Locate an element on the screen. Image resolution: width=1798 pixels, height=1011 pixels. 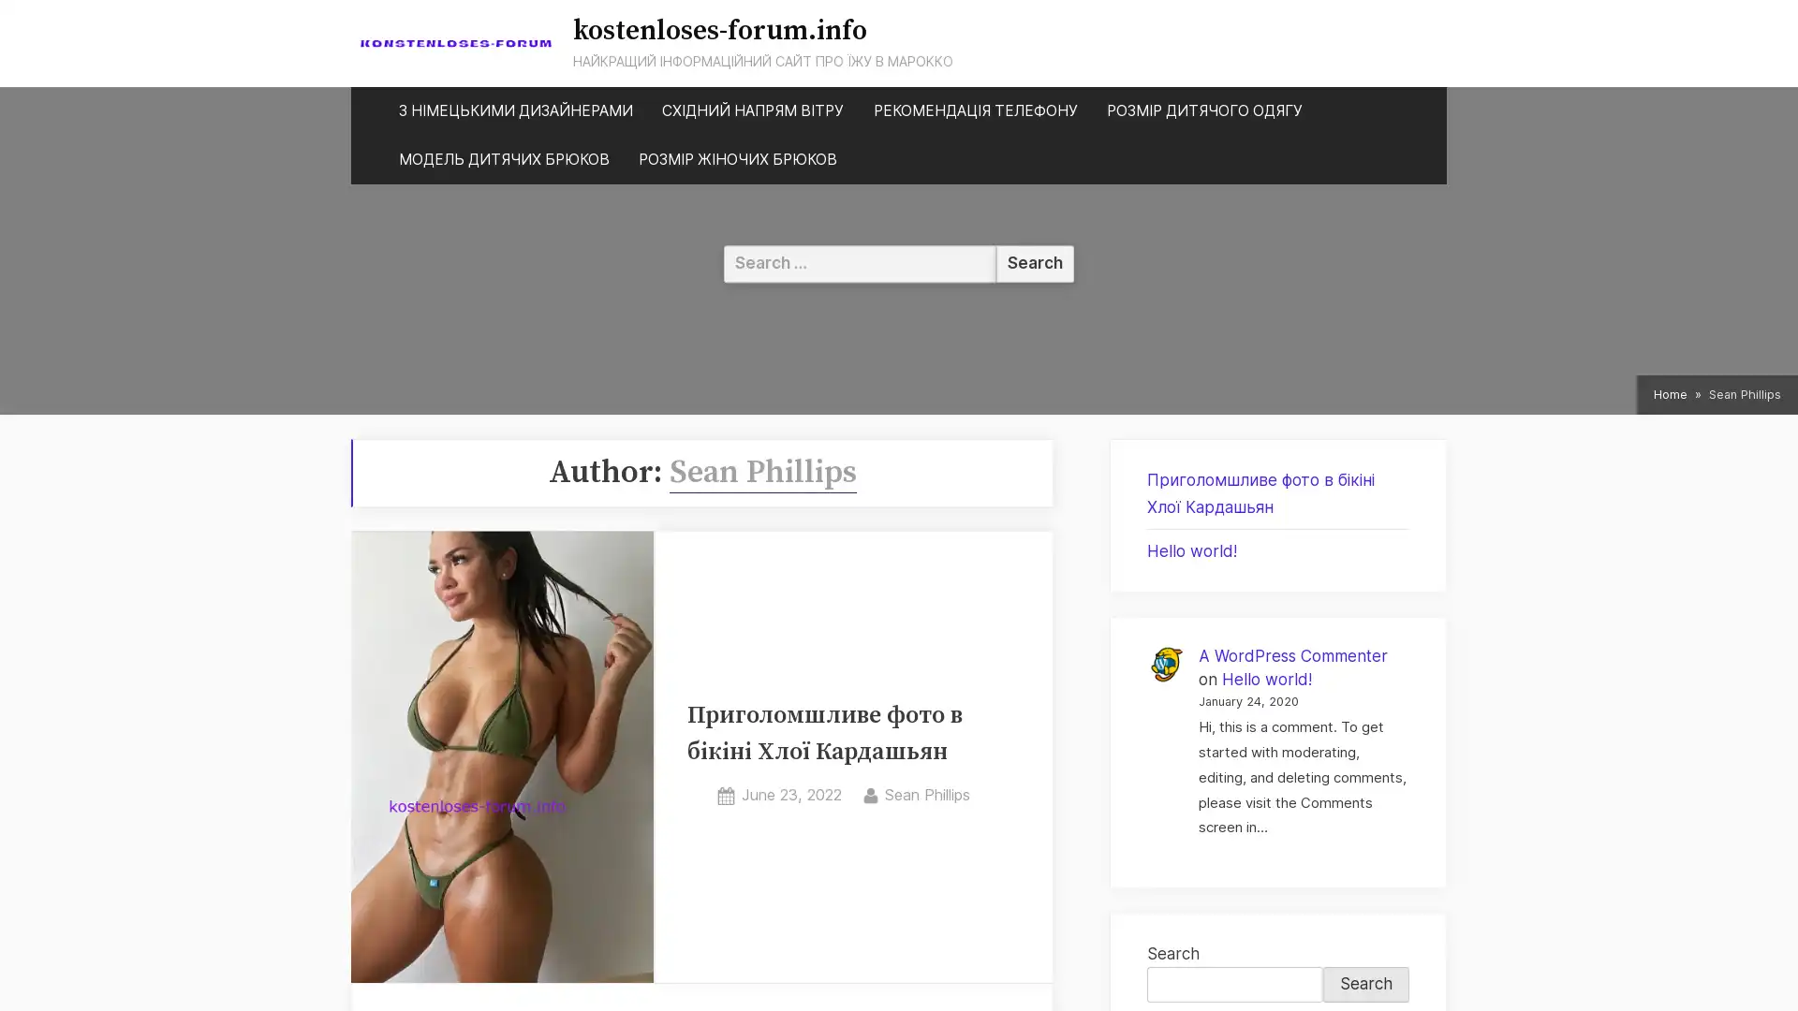
Search is located at coordinates (1366, 983).